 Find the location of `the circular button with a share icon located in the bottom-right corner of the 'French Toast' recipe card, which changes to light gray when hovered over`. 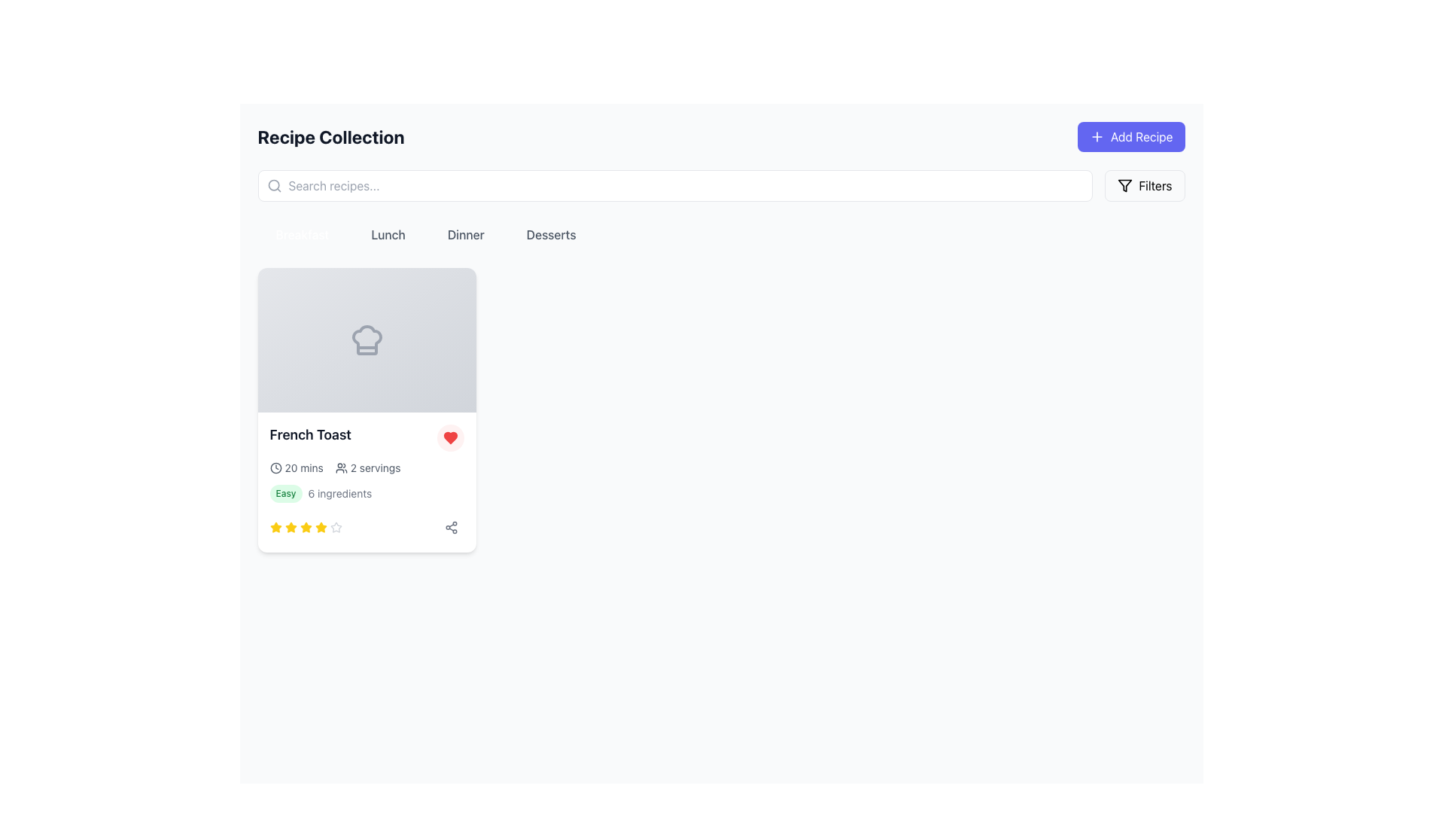

the circular button with a share icon located in the bottom-right corner of the 'French Toast' recipe card, which changes to light gray when hovered over is located at coordinates (450, 527).